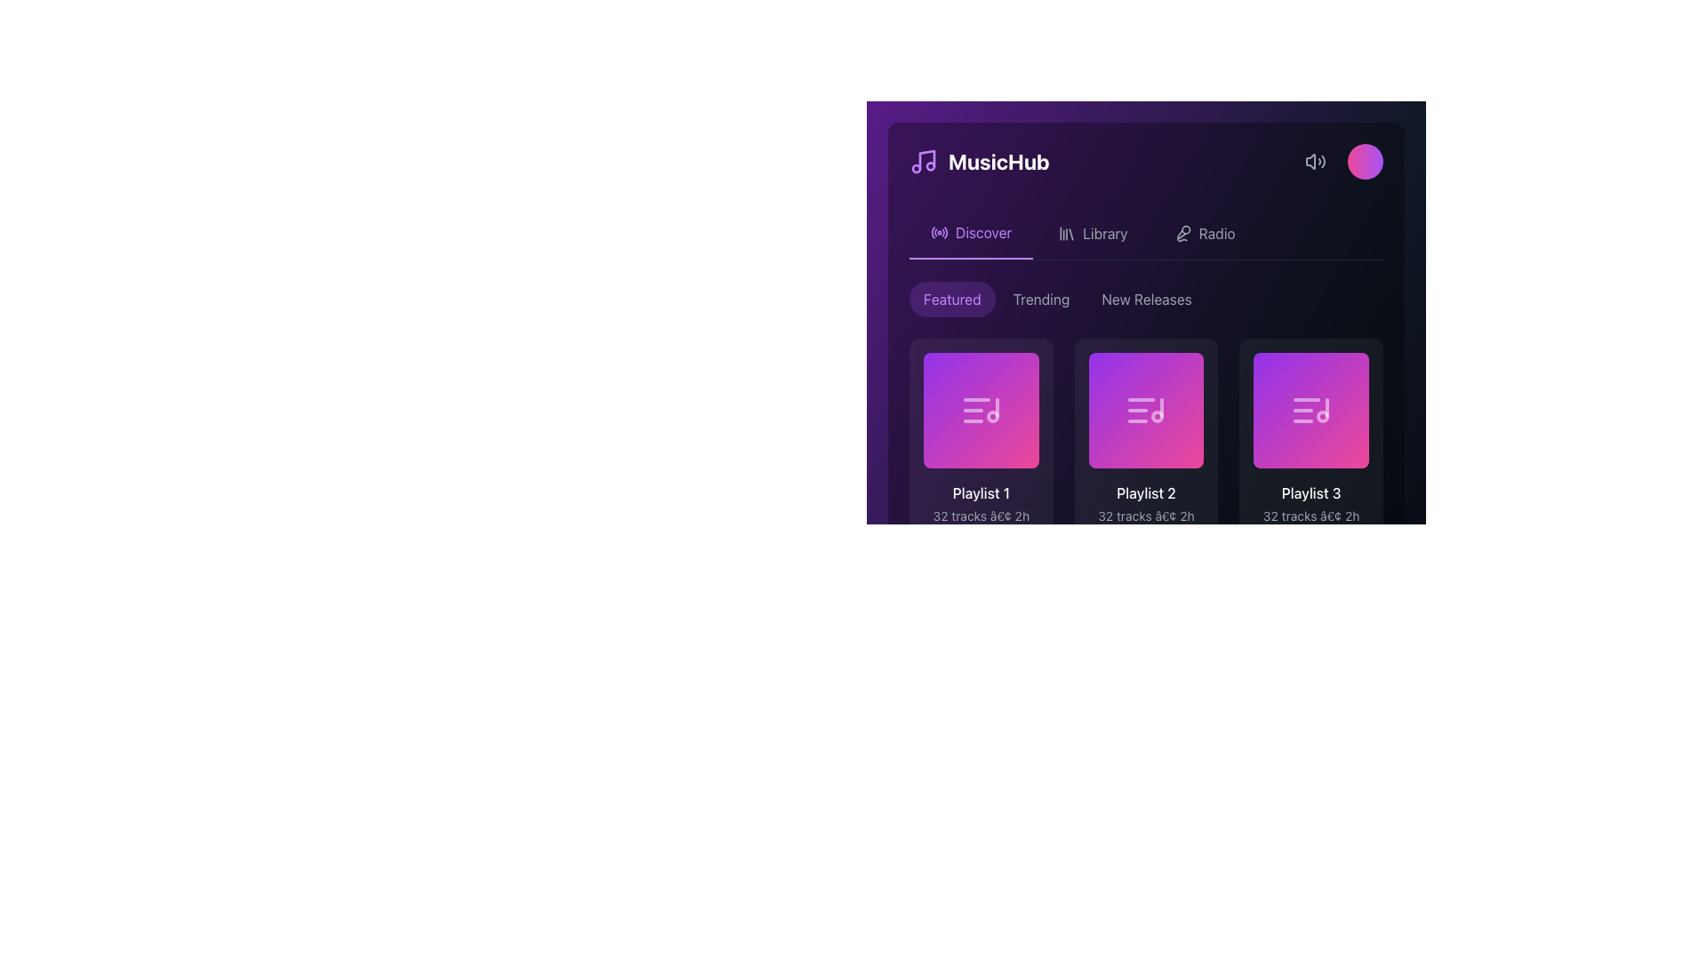 This screenshot has width=1707, height=960. What do you see at coordinates (923, 161) in the screenshot?
I see `the MusicHub icon located at the top-left of the interface, adjacent to the text 'MusicHub'` at bounding box center [923, 161].